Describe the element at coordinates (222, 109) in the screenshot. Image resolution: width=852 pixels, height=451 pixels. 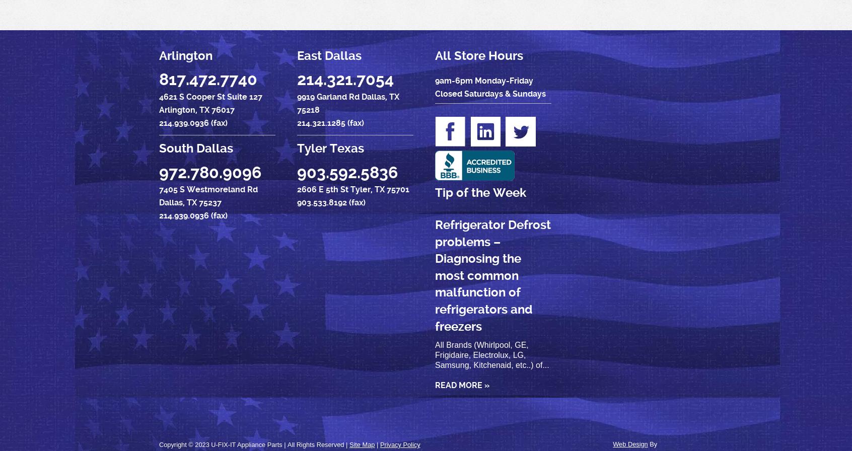
I see `'76017'` at that location.